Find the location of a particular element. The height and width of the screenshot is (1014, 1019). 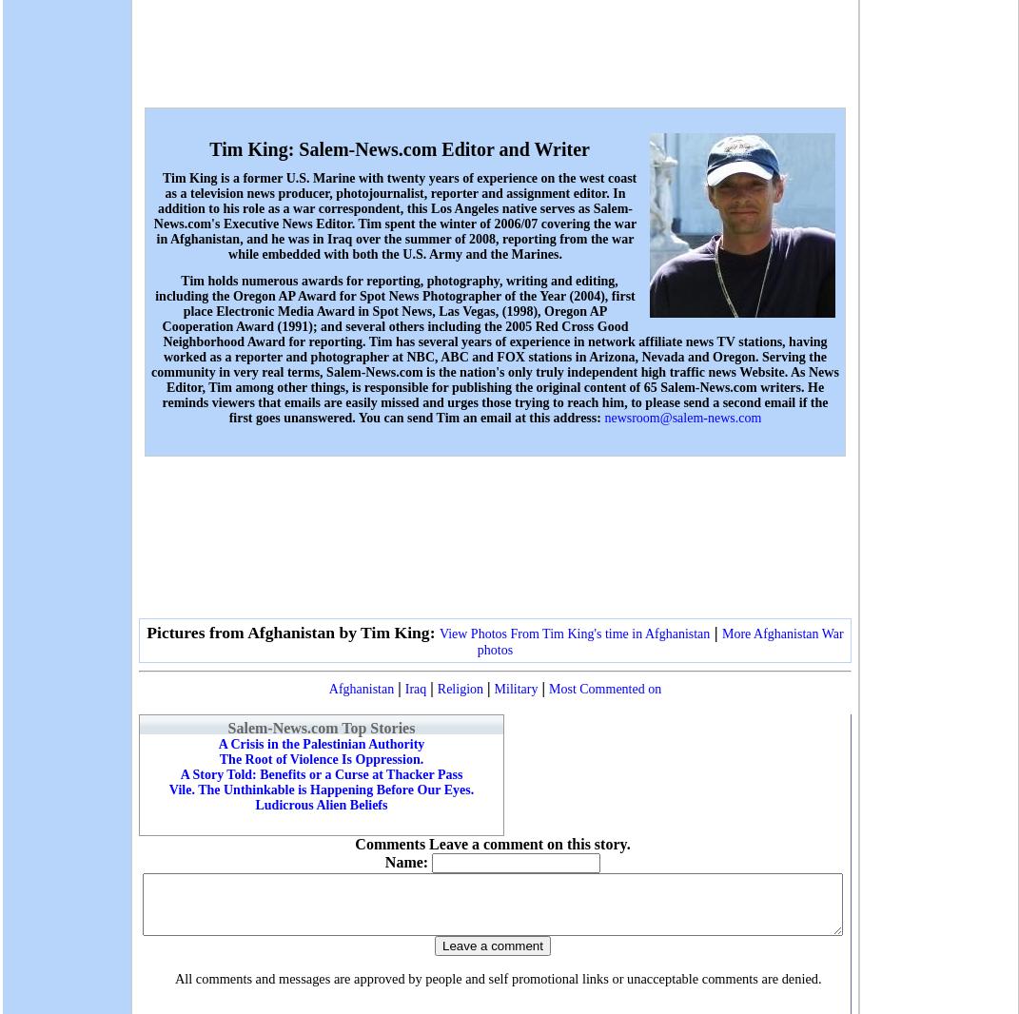

'Ludicrous Alien Beliefs' is located at coordinates (320, 804).